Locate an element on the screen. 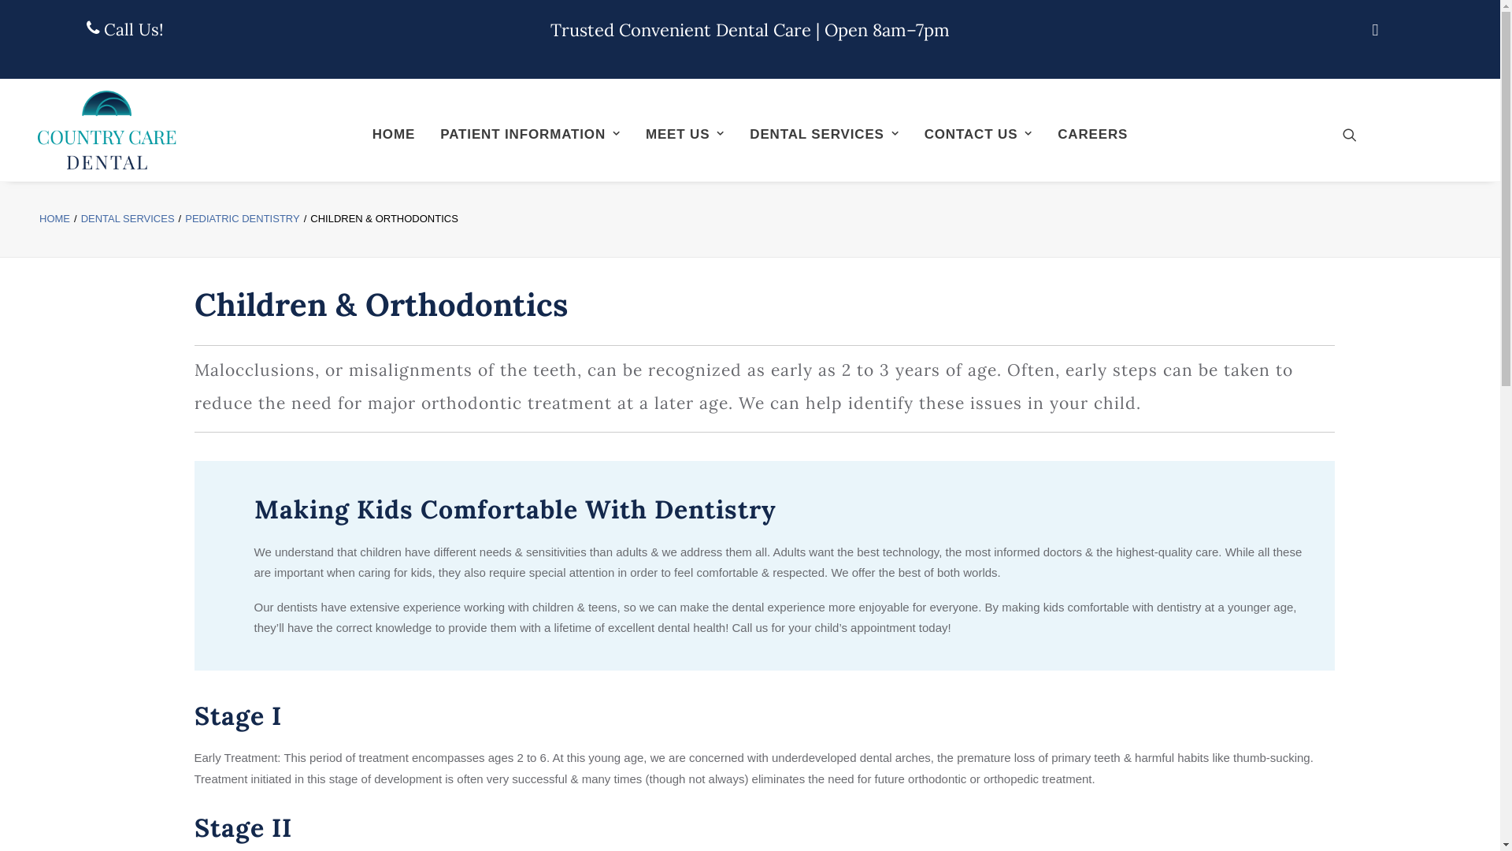 This screenshot has height=851, width=1512. 'CAREERS' is located at coordinates (1047, 132).